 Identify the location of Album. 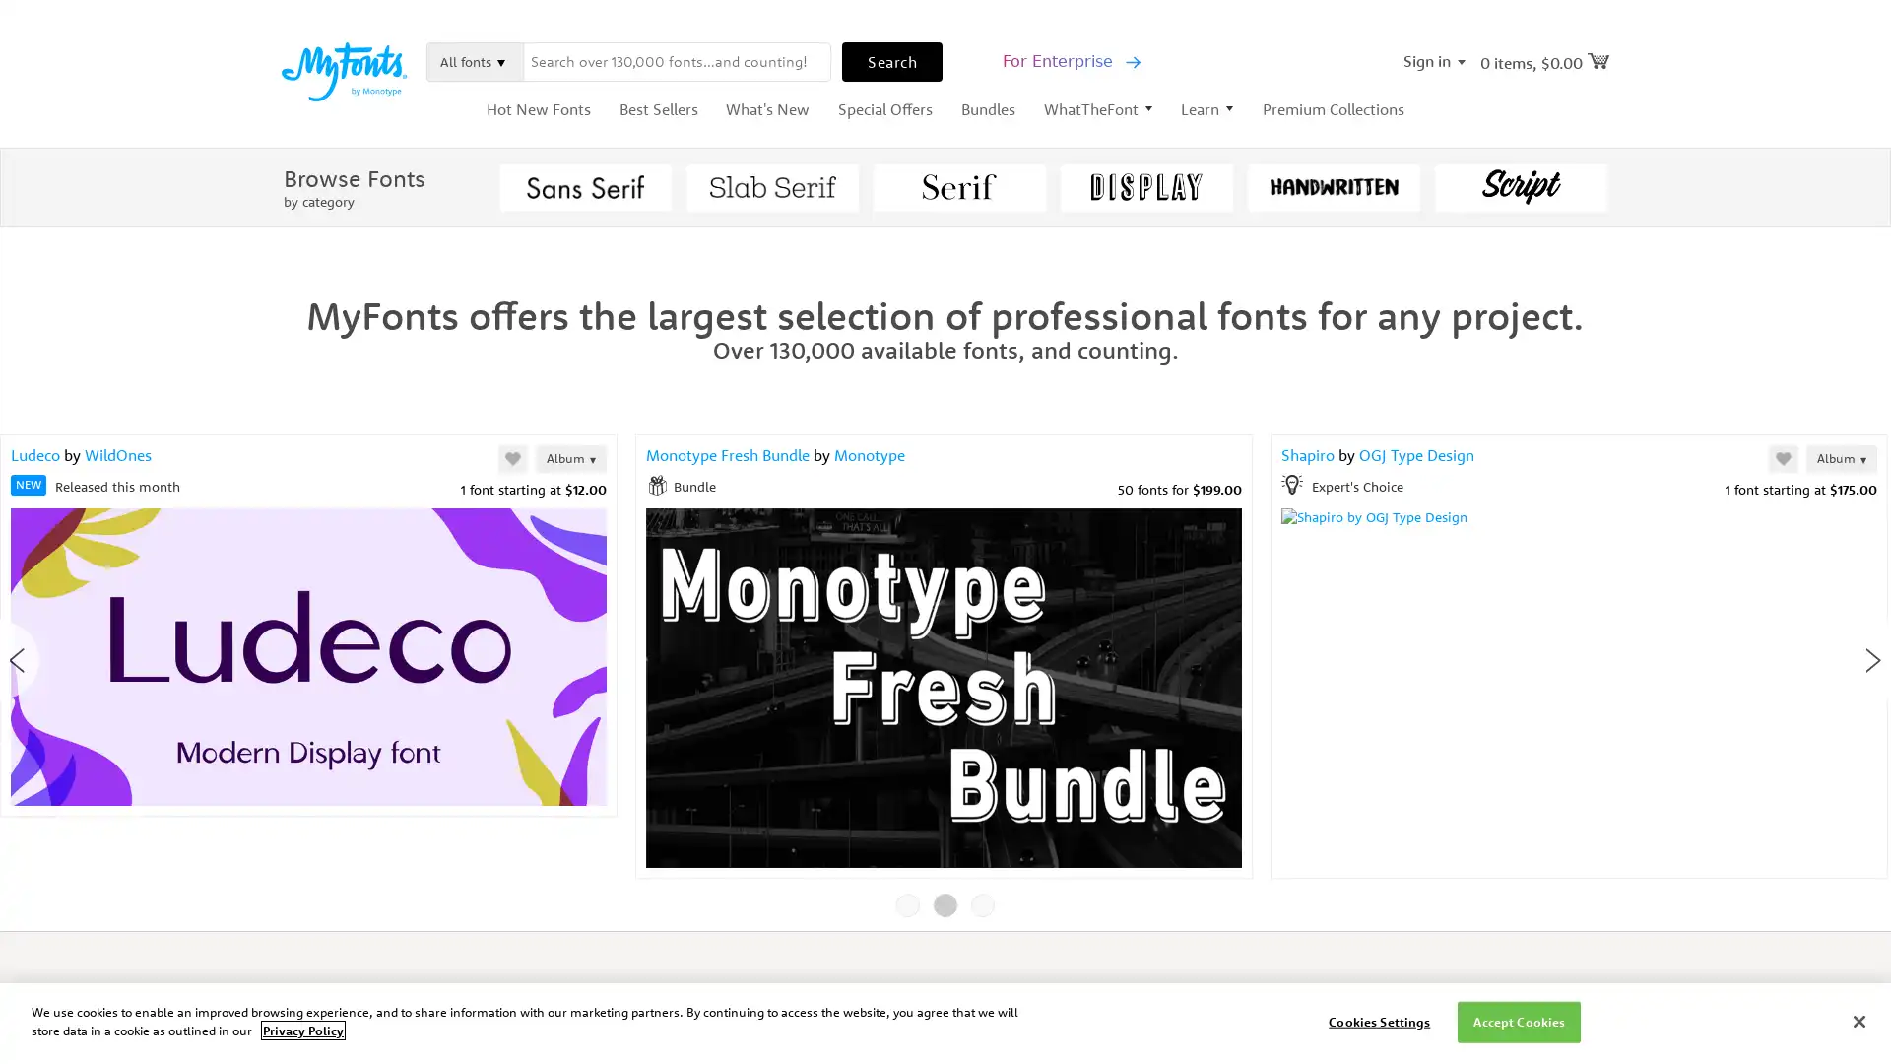
(900, 458).